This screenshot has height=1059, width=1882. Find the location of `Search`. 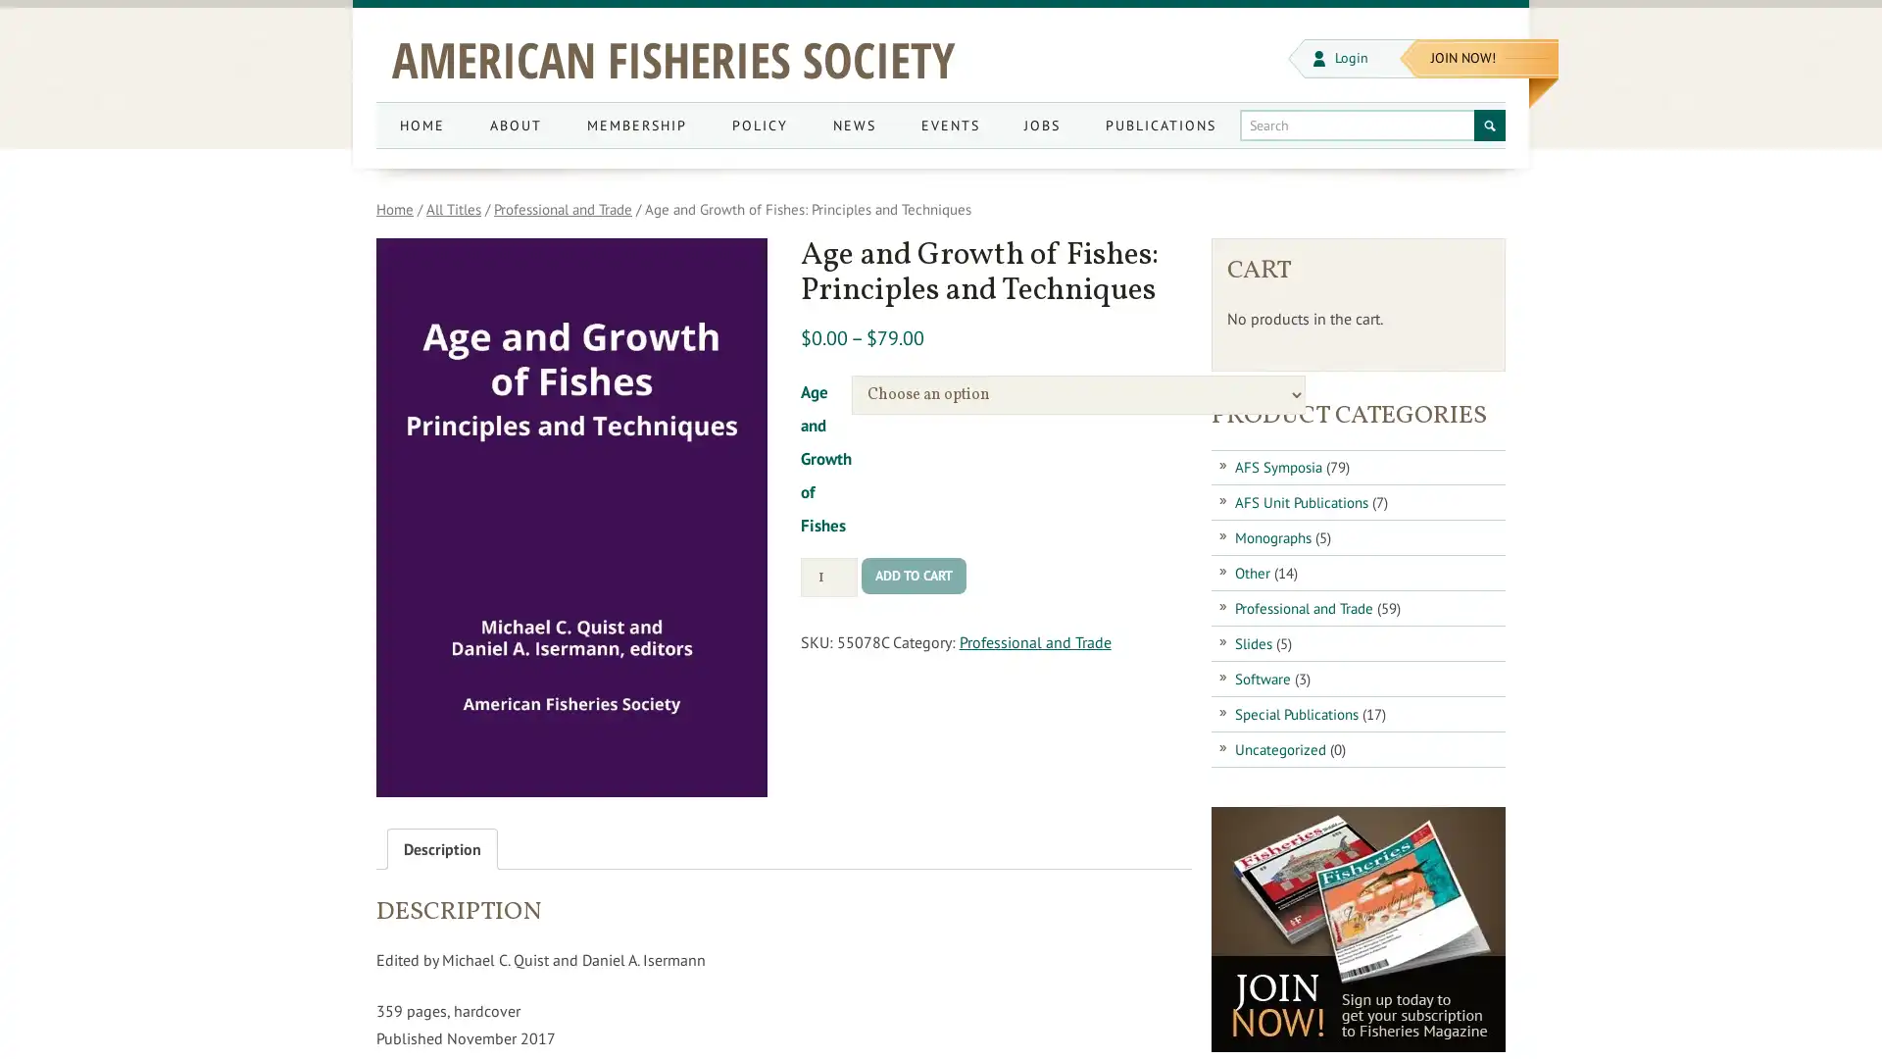

Search is located at coordinates (1490, 125).